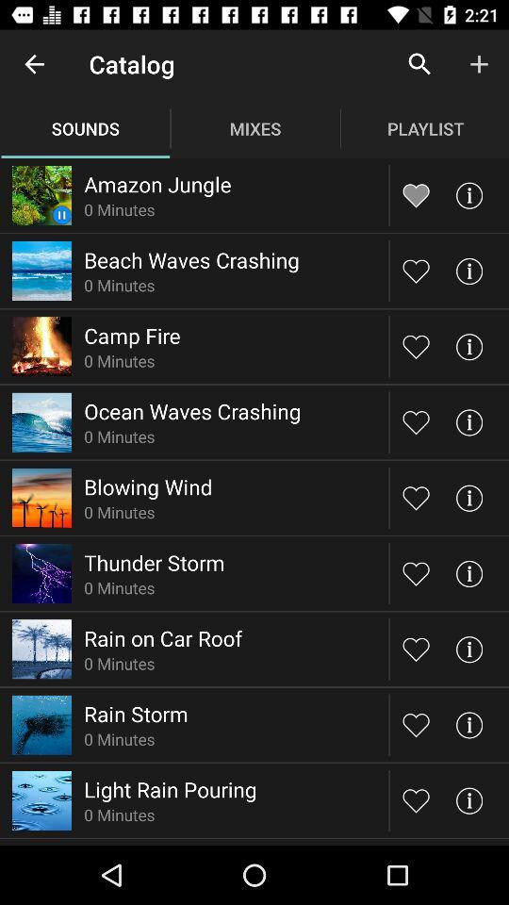 This screenshot has height=905, width=509. Describe the element at coordinates (416, 345) in the screenshot. I see `favorite option` at that location.